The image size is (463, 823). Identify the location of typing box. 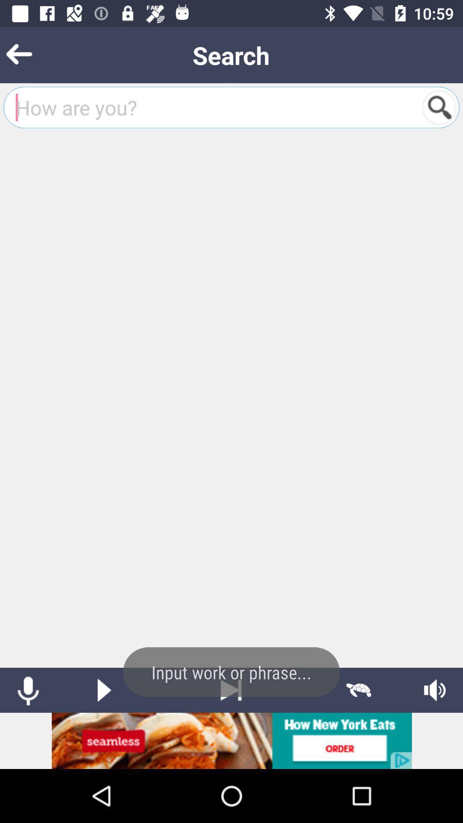
(213, 107).